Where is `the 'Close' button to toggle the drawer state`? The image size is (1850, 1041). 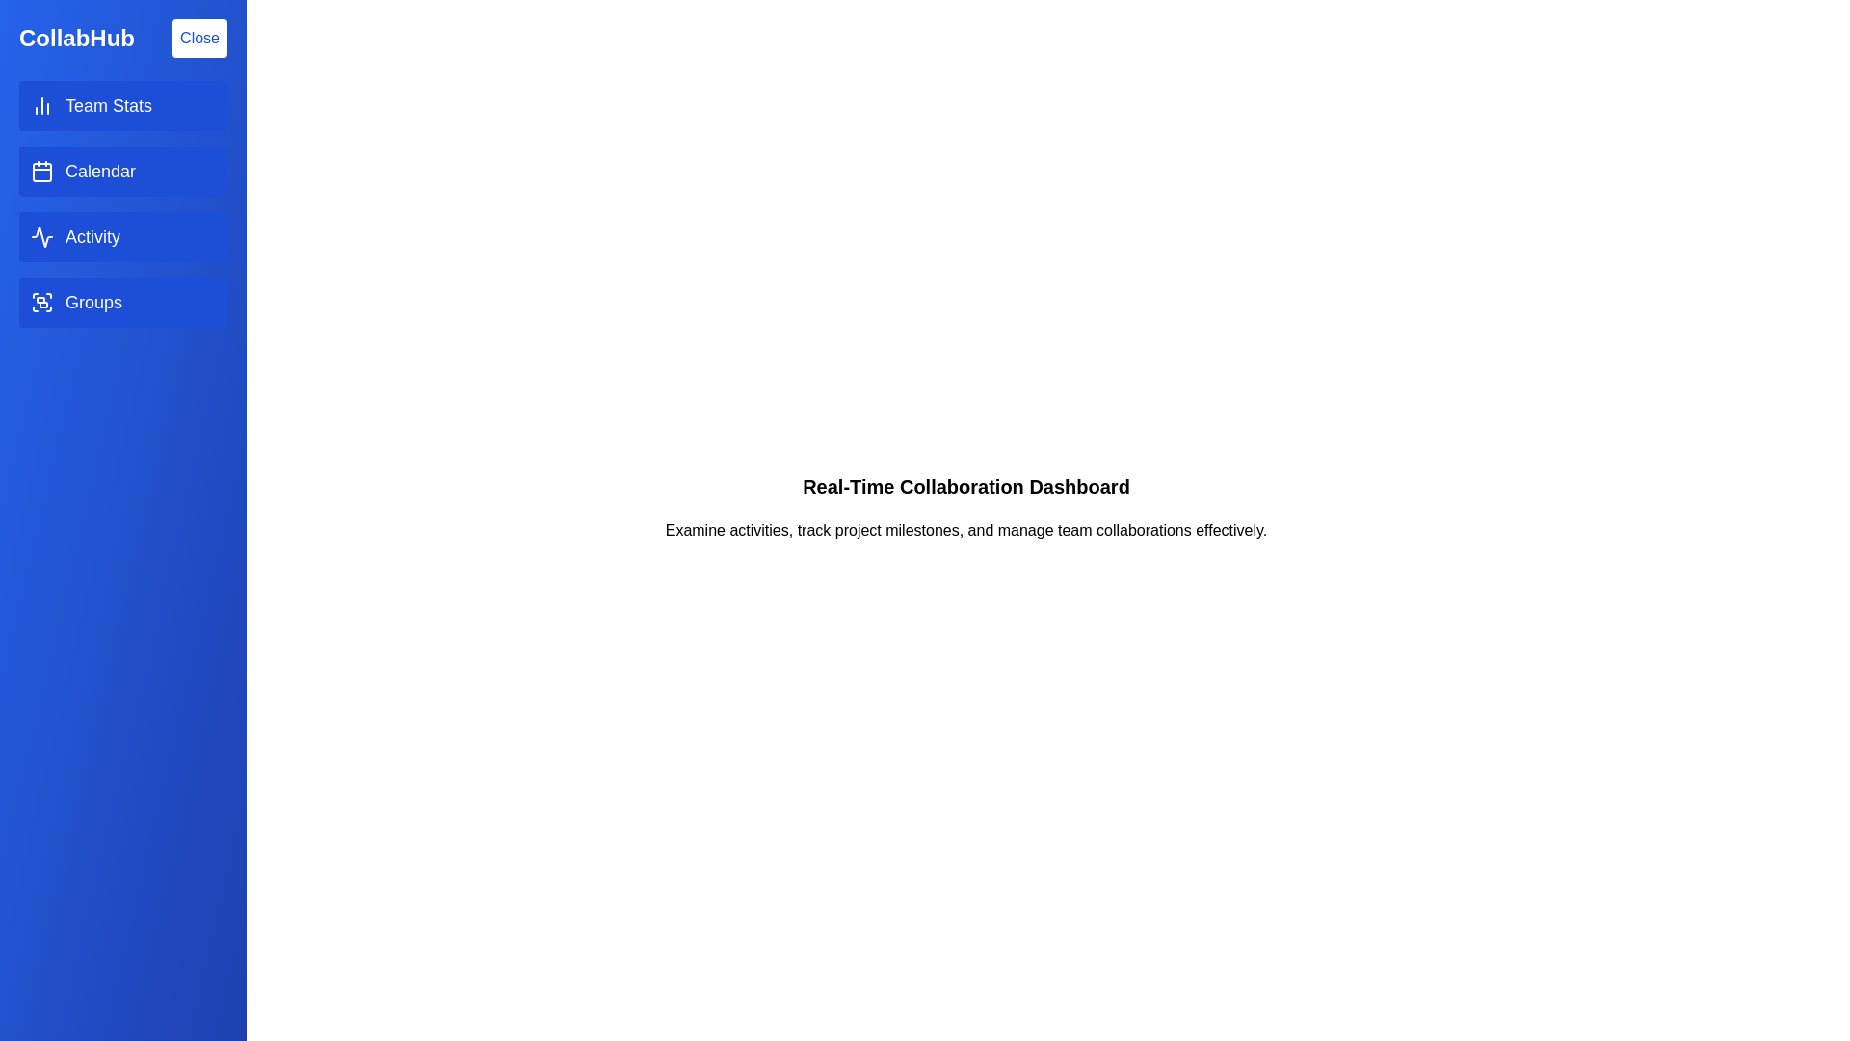
the 'Close' button to toggle the drawer state is located at coordinates (198, 38).